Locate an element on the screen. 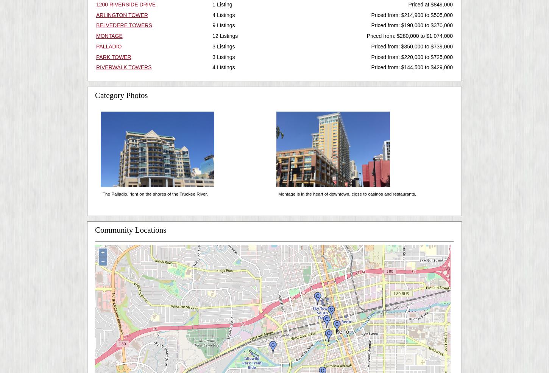  'Community Locations' is located at coordinates (130, 230).